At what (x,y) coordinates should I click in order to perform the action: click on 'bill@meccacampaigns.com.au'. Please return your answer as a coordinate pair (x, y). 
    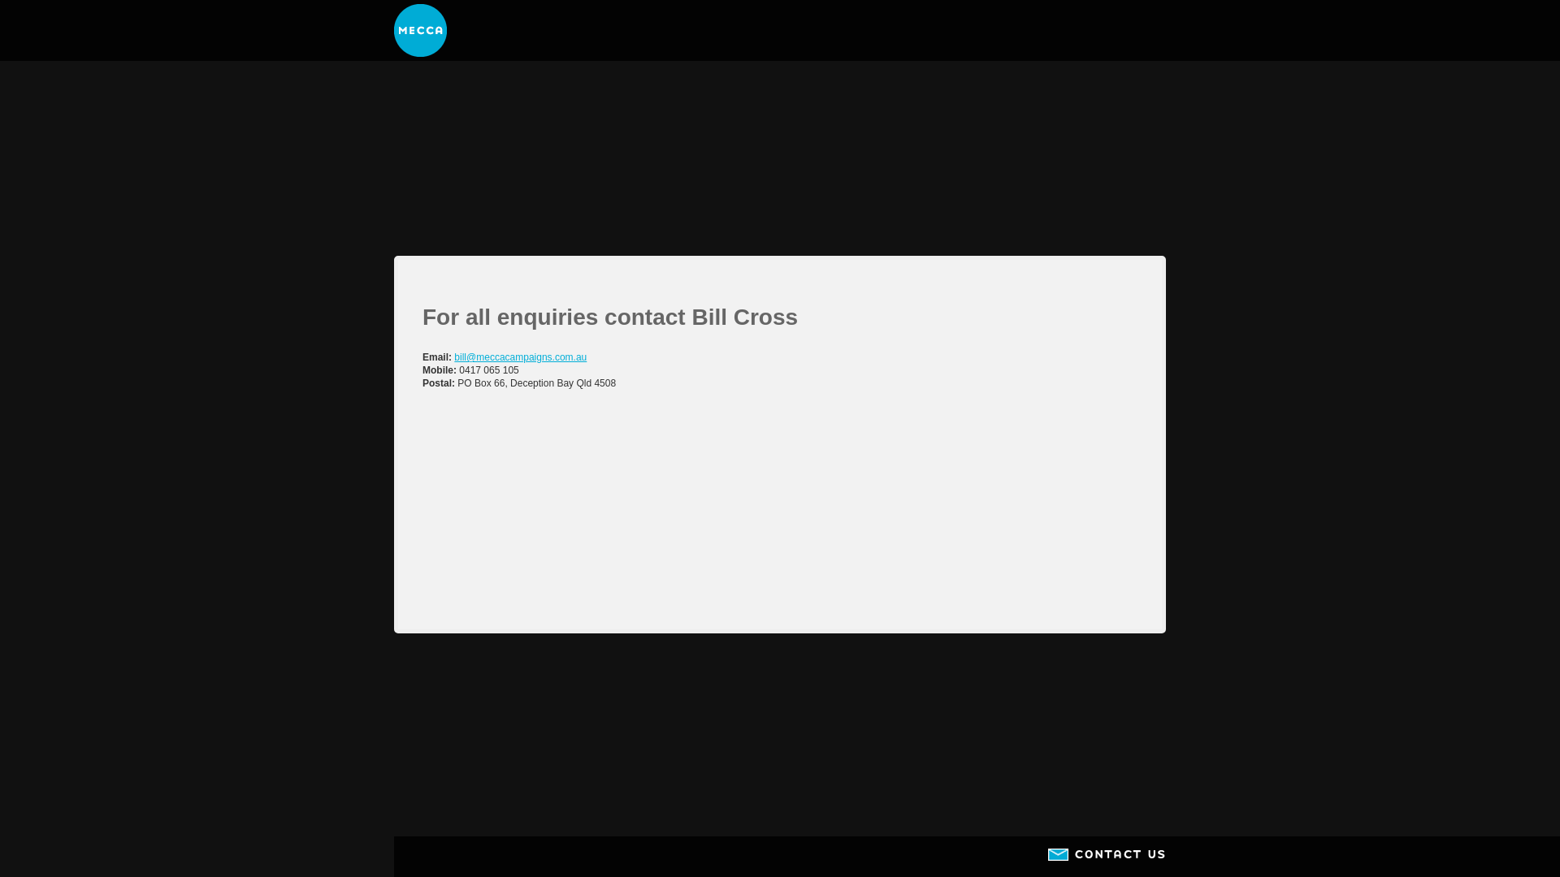
    Looking at the image, I should click on (520, 356).